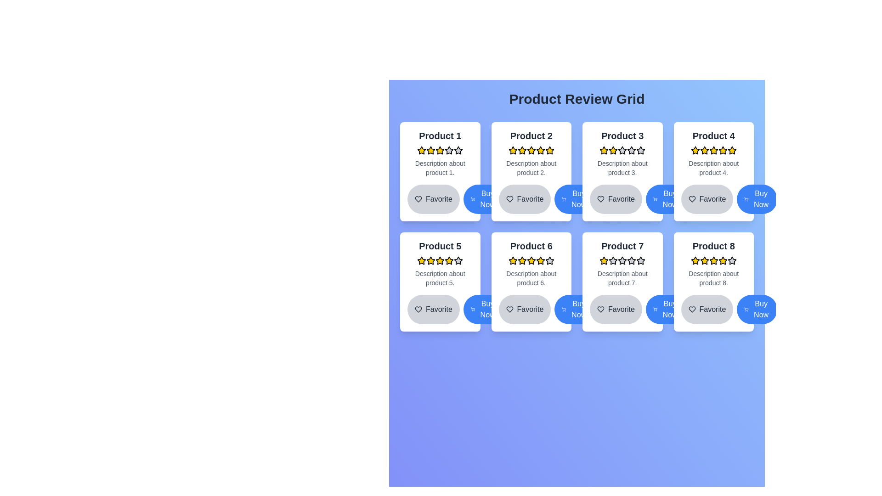 This screenshot has width=882, height=496. What do you see at coordinates (640, 260) in the screenshot?
I see `the first star icon representing a rating unit in the 'Product 7' card of the 'Product Review Grid' to interact with the product rating system` at bounding box center [640, 260].